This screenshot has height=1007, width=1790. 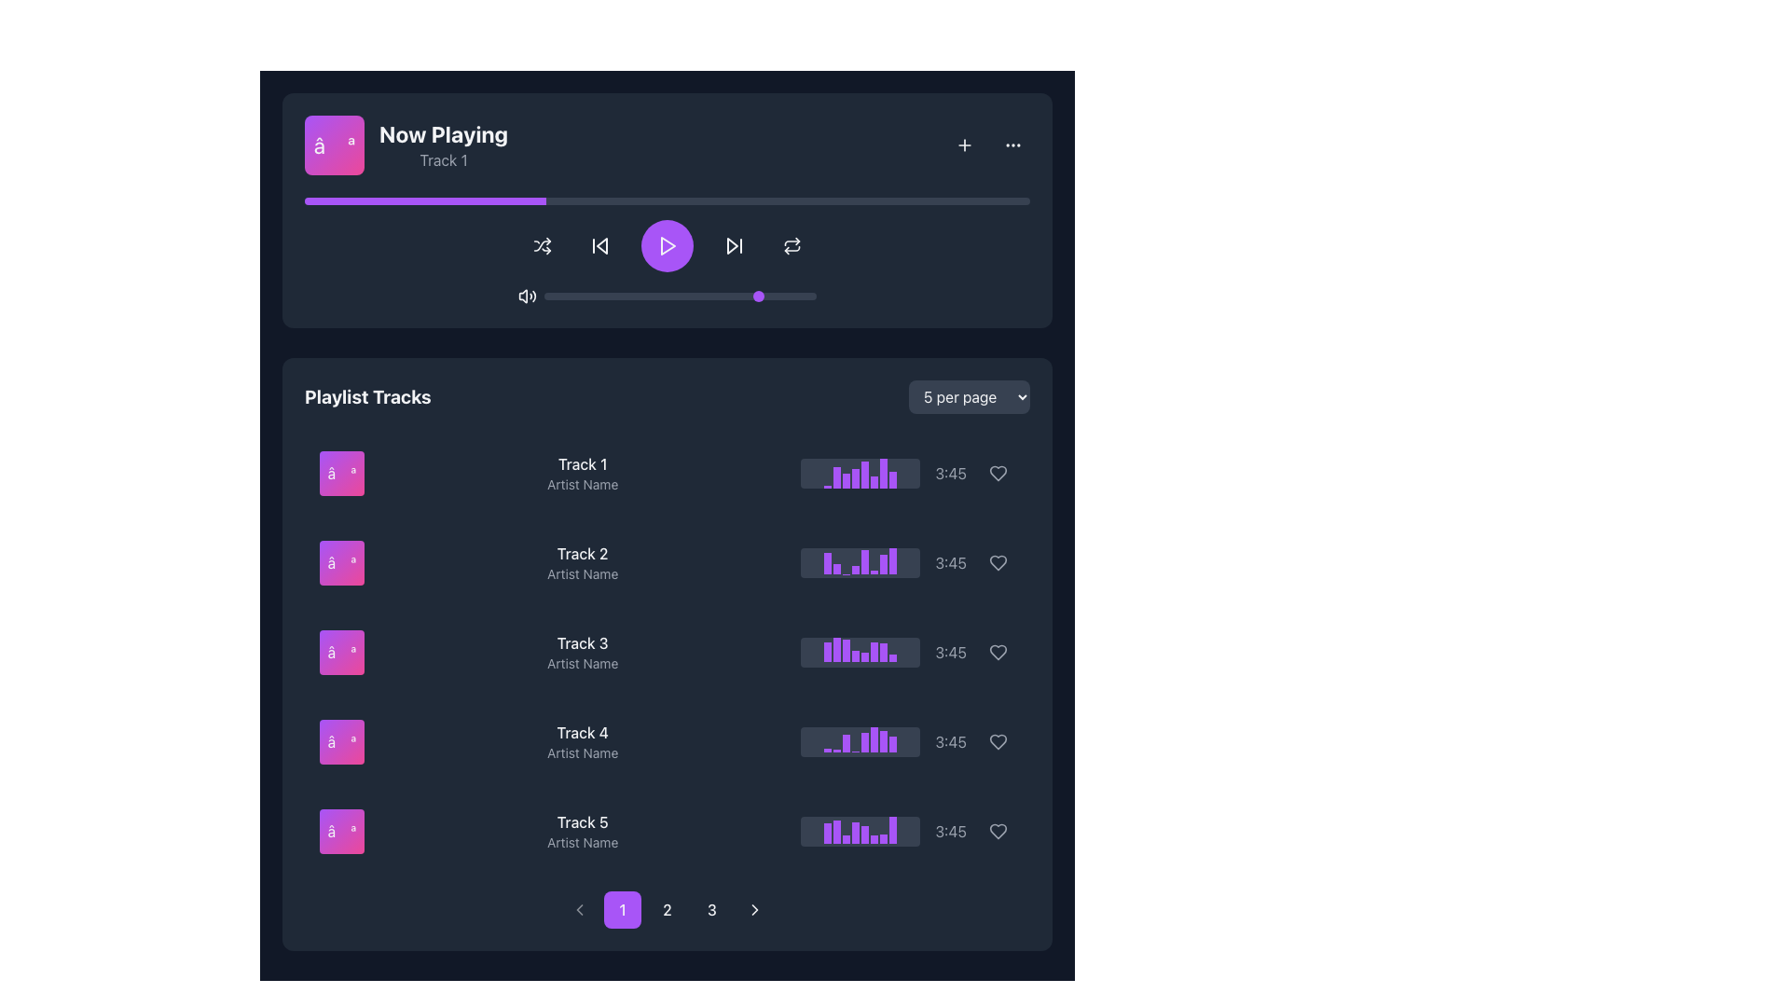 What do you see at coordinates (997, 651) in the screenshot?
I see `the heart-shaped icon button located to the right of the text '3:45'` at bounding box center [997, 651].